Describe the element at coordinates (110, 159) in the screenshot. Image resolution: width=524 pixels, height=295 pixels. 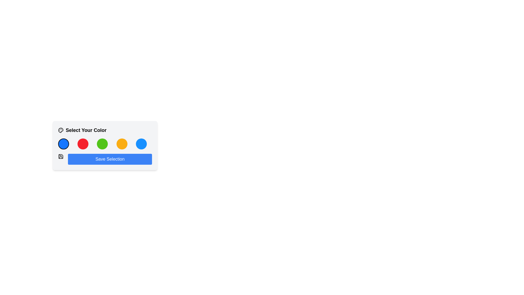
I see `the 'Save Selection' button, which has a blue background and white text` at that location.